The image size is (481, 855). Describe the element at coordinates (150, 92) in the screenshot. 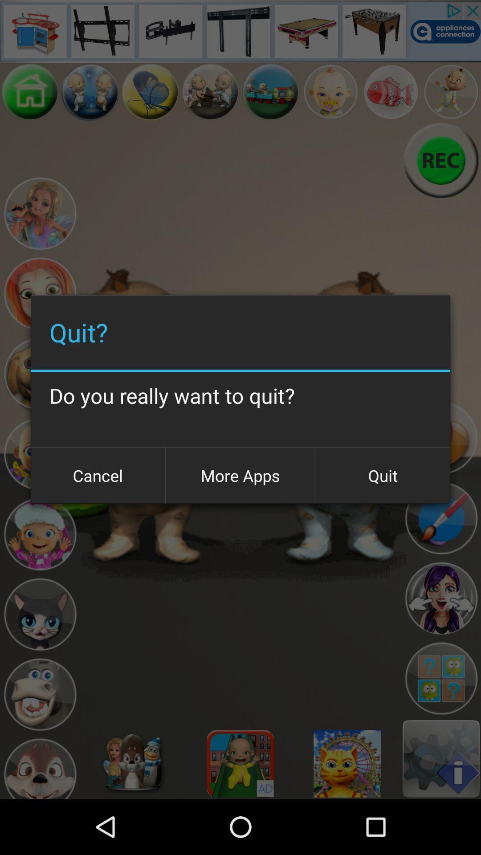

I see `back` at that location.